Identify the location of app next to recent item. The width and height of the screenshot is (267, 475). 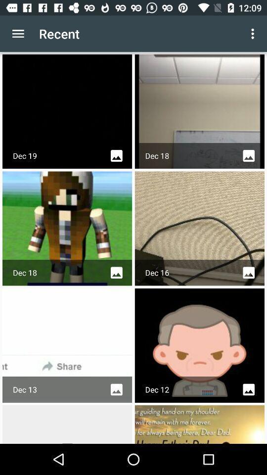
(254, 34).